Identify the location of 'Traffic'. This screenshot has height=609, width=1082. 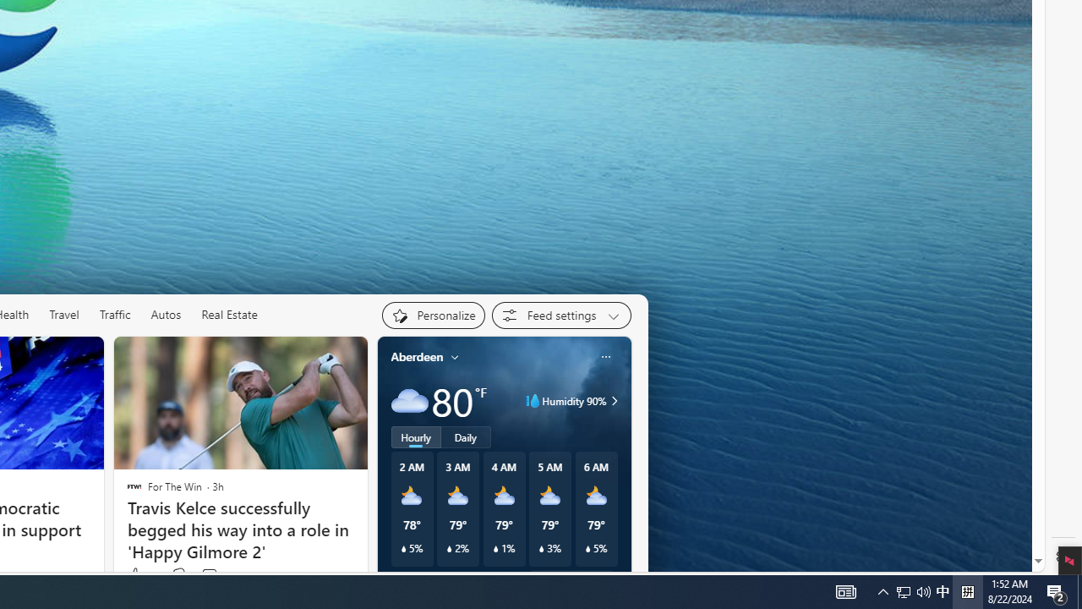
(114, 314).